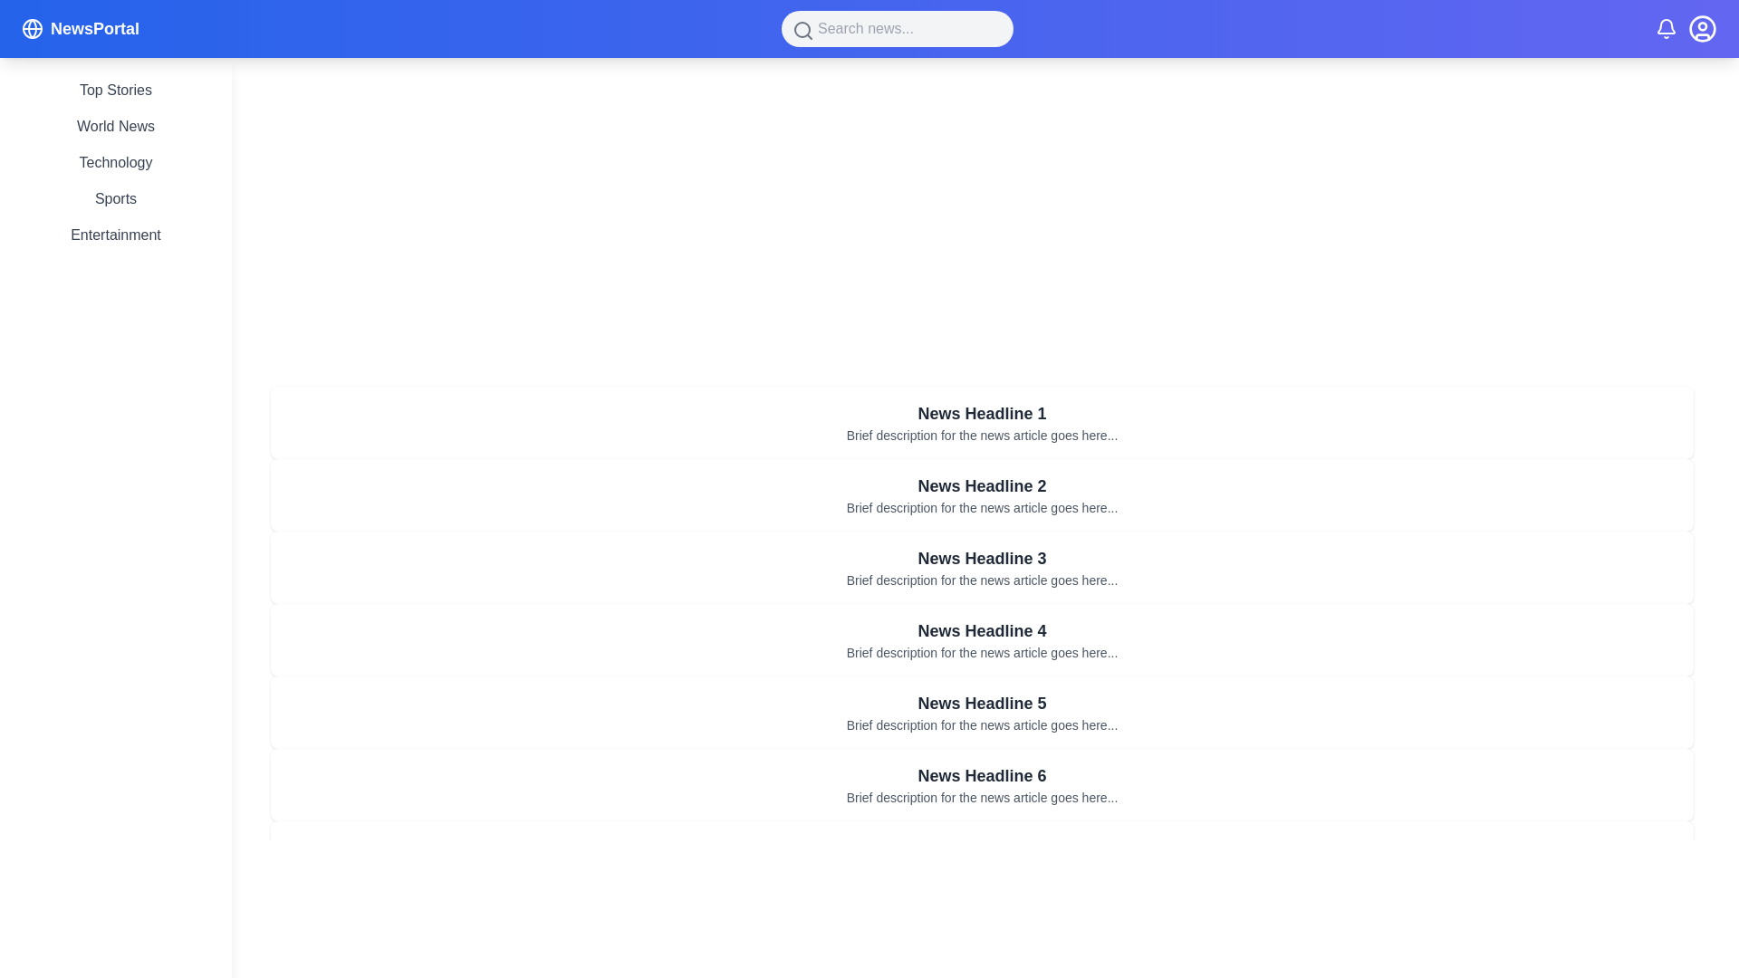  Describe the element at coordinates (981, 413) in the screenshot. I see `the static text header of the news article, which is positioned at the top of a list of articles and is part of a white background card with a drop shadow` at that location.